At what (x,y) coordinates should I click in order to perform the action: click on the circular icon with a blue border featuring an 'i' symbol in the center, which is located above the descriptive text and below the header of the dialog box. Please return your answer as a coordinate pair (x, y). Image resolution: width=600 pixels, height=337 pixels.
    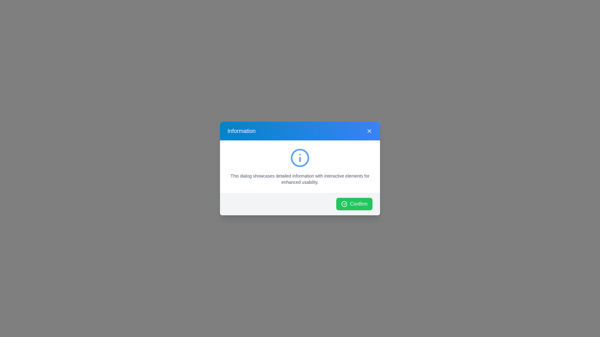
    Looking at the image, I should click on (300, 157).